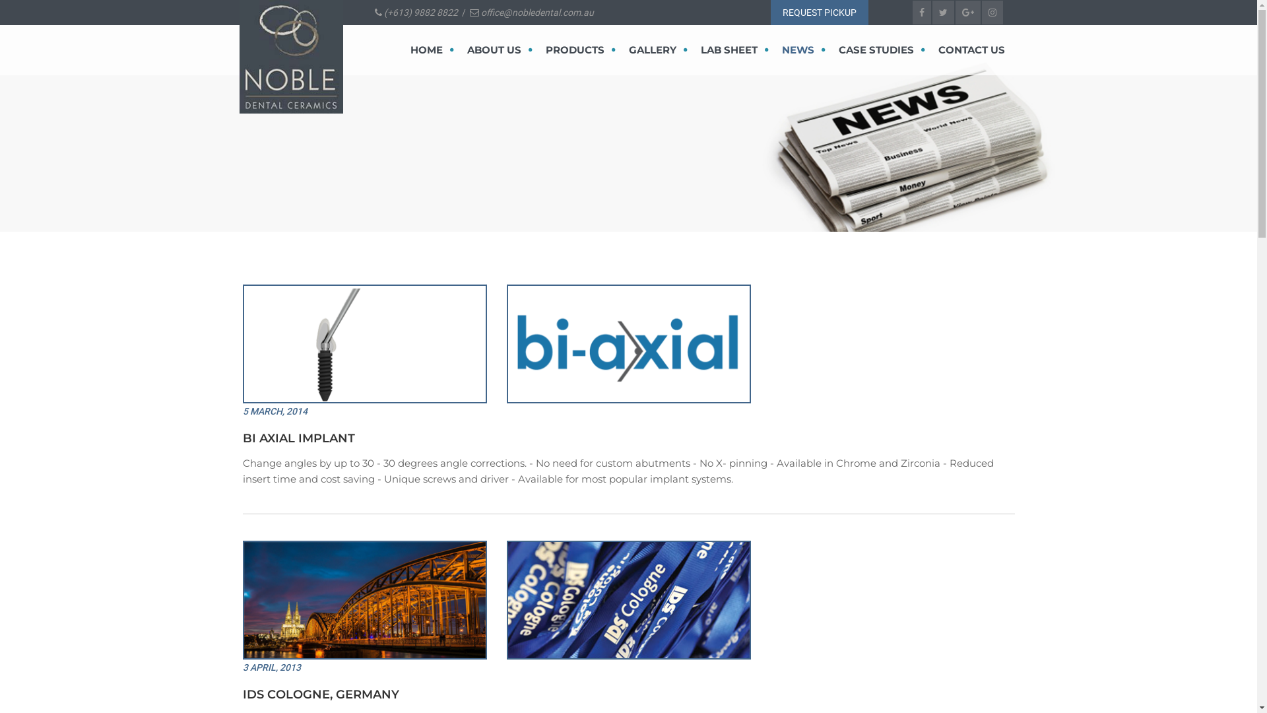 The height and width of the screenshot is (713, 1267). Describe the element at coordinates (782, 13) in the screenshot. I see `'REQUEST PICKUP'` at that location.